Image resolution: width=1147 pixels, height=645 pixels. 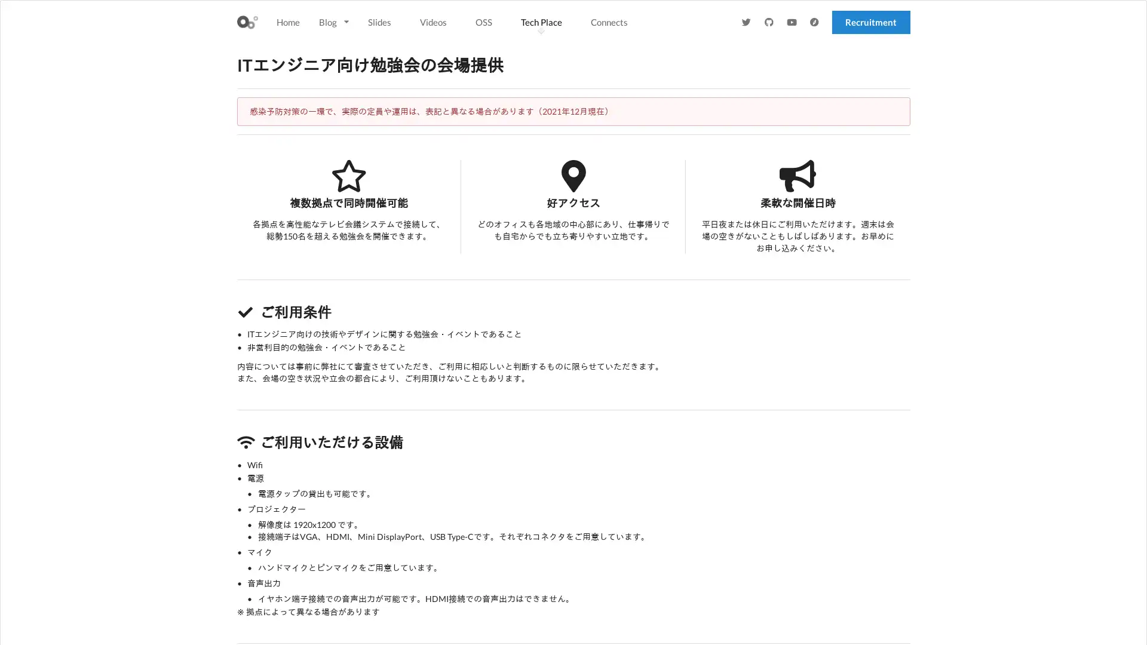 I want to click on Recruitment, so click(x=870, y=22).